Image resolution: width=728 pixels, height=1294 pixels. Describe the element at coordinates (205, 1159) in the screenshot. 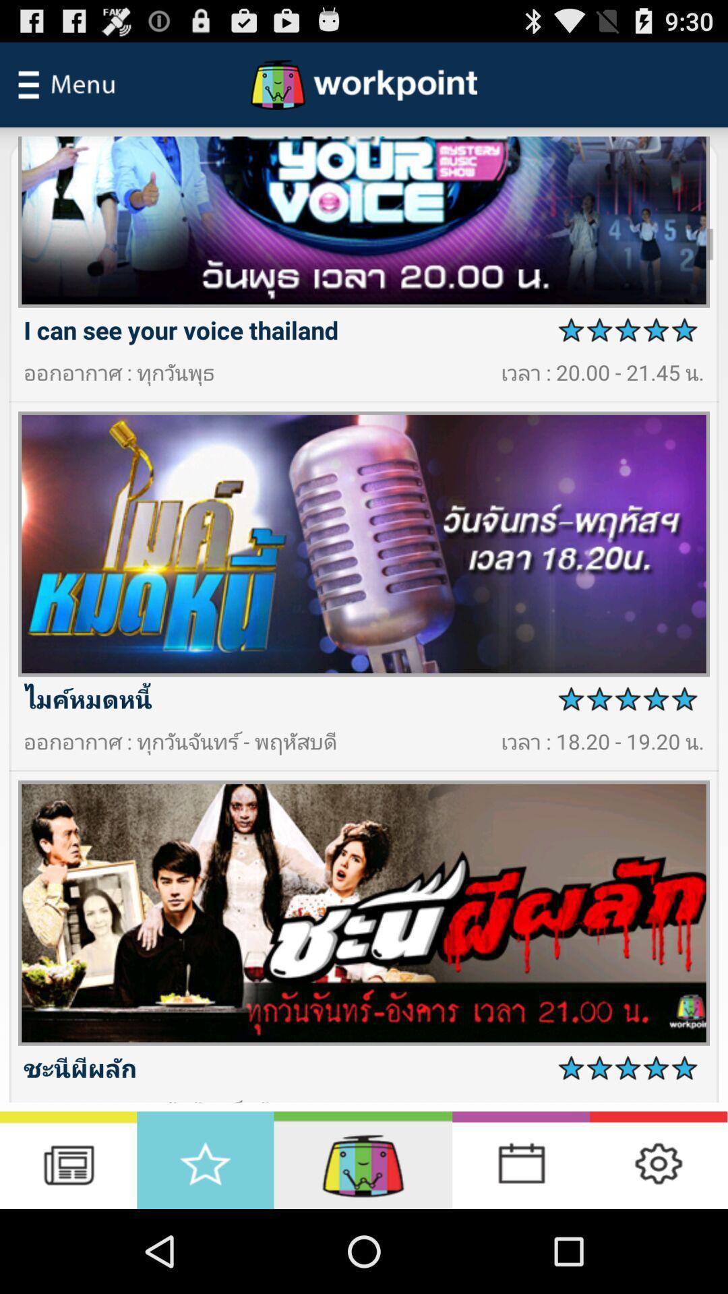

I see `favourite button` at that location.